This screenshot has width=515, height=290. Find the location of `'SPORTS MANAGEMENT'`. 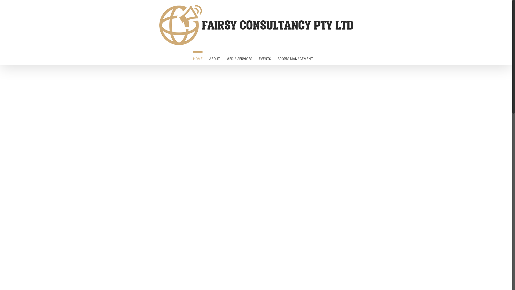

'SPORTS MANAGEMENT' is located at coordinates (277, 58).